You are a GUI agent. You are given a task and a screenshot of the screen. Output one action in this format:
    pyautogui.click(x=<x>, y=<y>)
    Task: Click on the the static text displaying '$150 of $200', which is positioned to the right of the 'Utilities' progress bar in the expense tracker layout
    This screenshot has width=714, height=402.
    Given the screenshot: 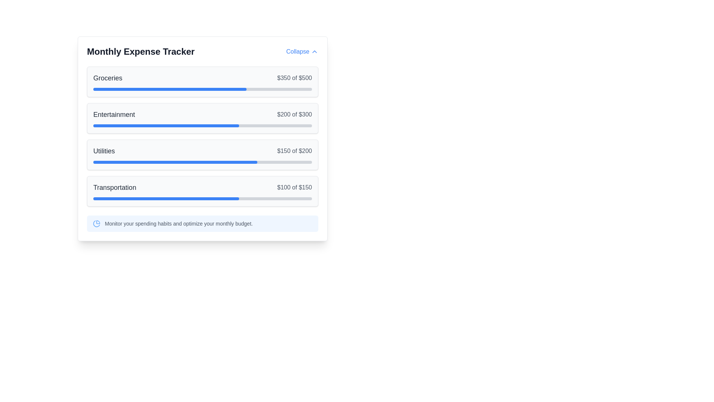 What is the action you would take?
    pyautogui.click(x=294, y=151)
    